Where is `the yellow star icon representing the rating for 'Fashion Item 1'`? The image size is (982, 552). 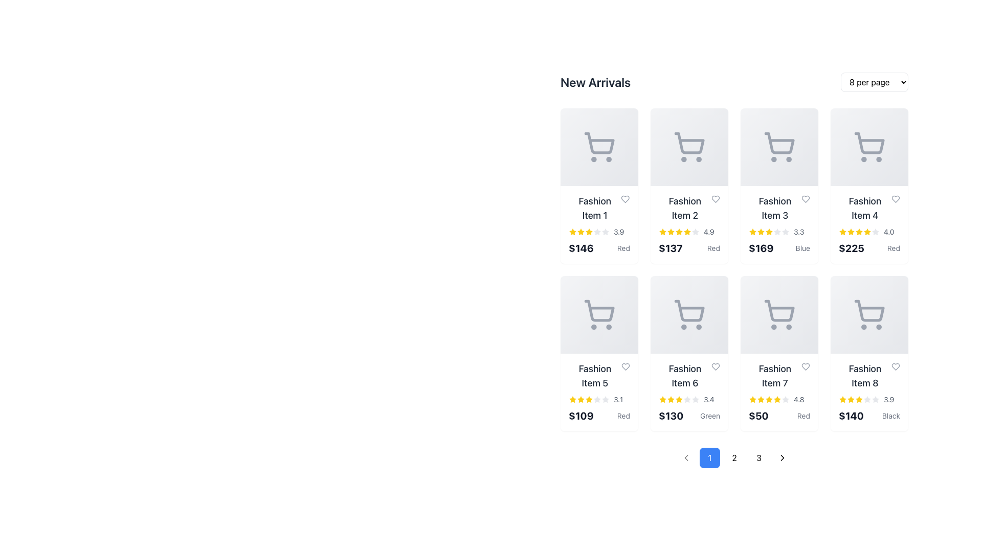
the yellow star icon representing the rating for 'Fashion Item 1' is located at coordinates (581, 232).